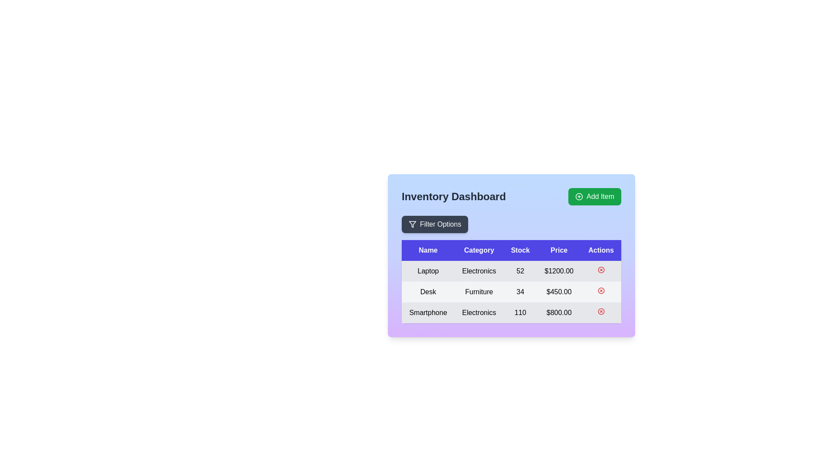 The image size is (833, 468). What do you see at coordinates (579, 197) in the screenshot?
I see `the SVG Circle icon located within the 'Add Item' button at the top-right corner of the main interface` at bounding box center [579, 197].